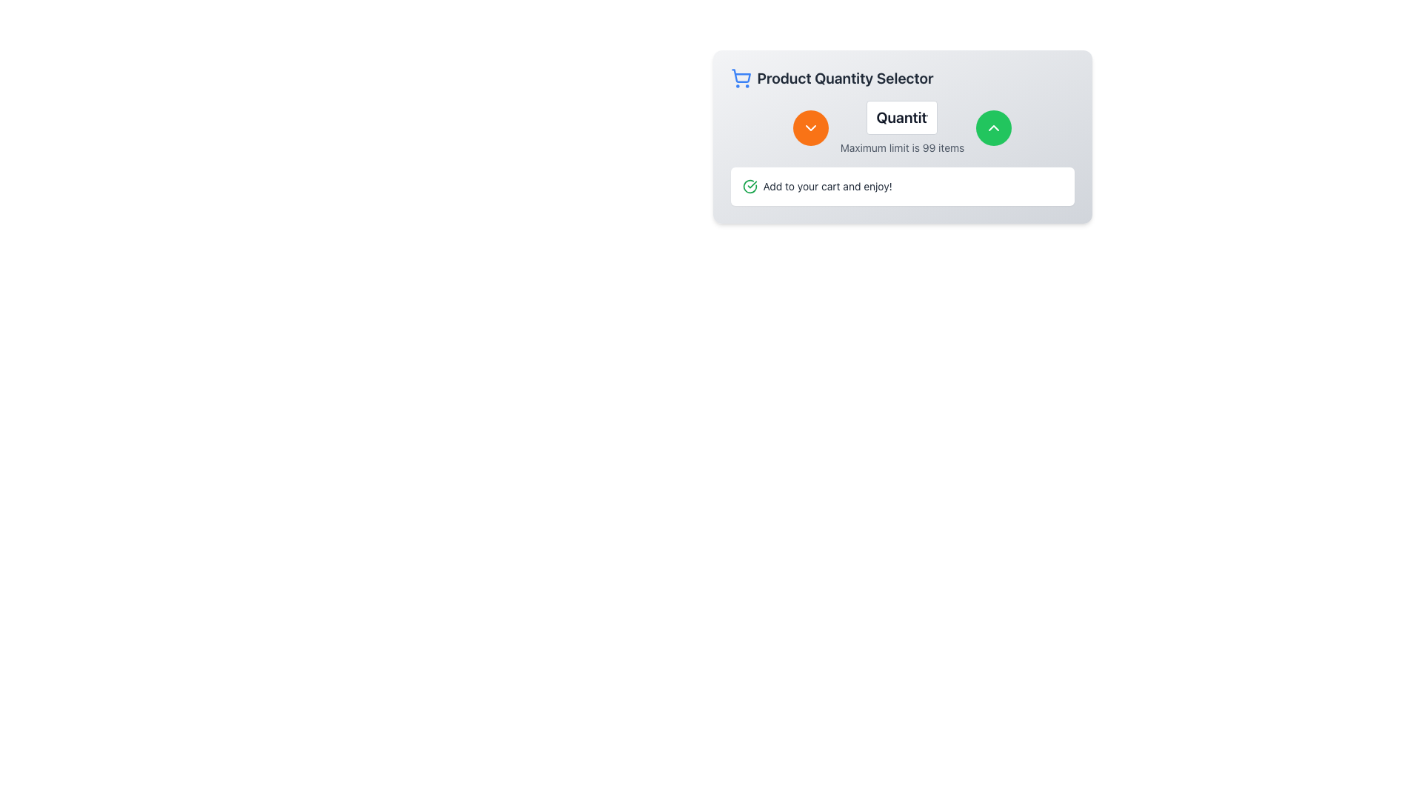  What do you see at coordinates (750, 185) in the screenshot?
I see `the circular icon with a green checkmark that is positioned to the left of the text 'Add to your cart and enjoy!'` at bounding box center [750, 185].